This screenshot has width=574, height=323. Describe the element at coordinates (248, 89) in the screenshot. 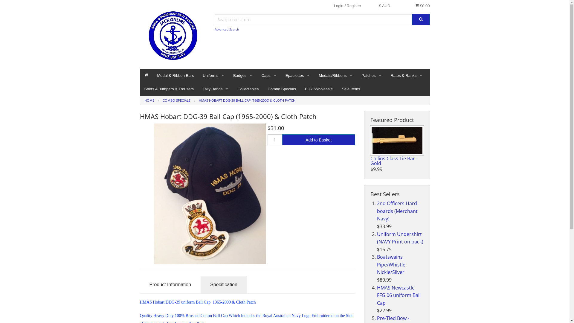

I see `'Collectables'` at that location.